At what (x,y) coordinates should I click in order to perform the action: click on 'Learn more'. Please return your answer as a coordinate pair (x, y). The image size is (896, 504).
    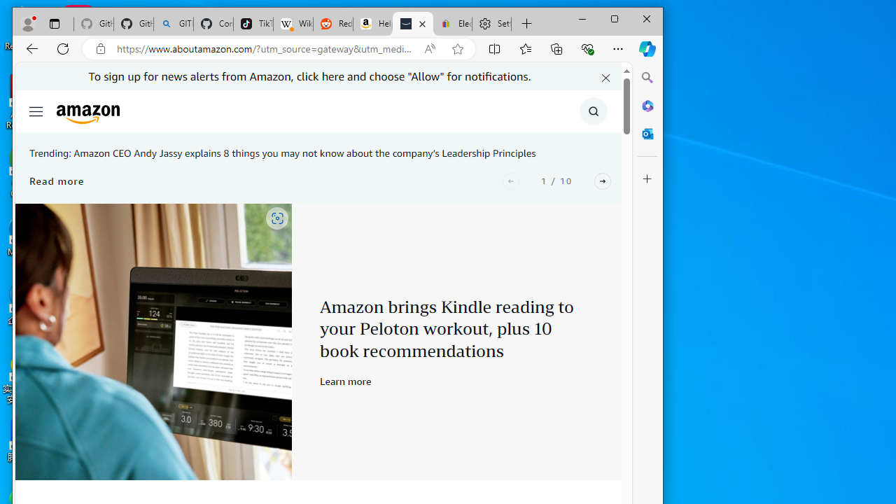
    Looking at the image, I should click on (346, 381).